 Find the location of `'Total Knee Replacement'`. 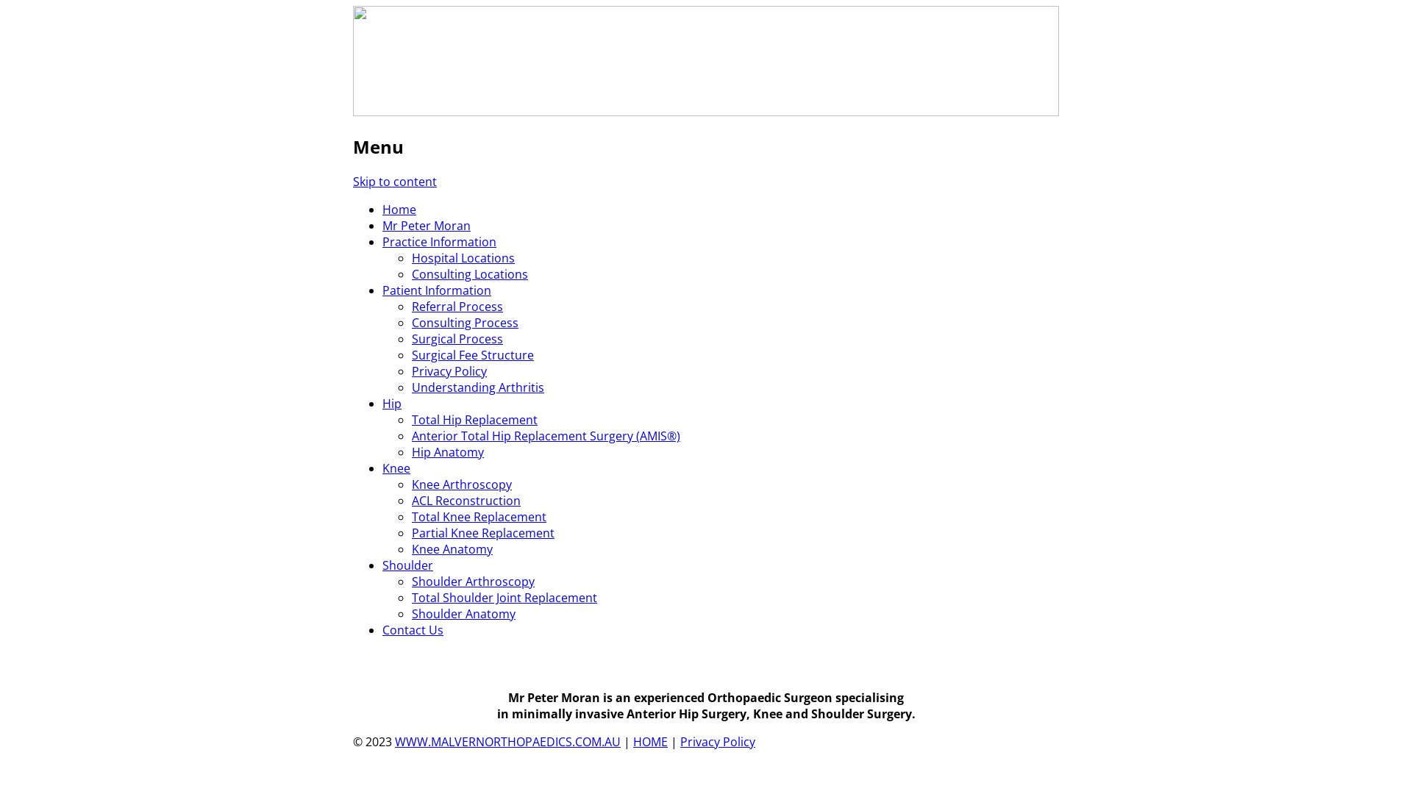

'Total Knee Replacement' is located at coordinates (479, 515).